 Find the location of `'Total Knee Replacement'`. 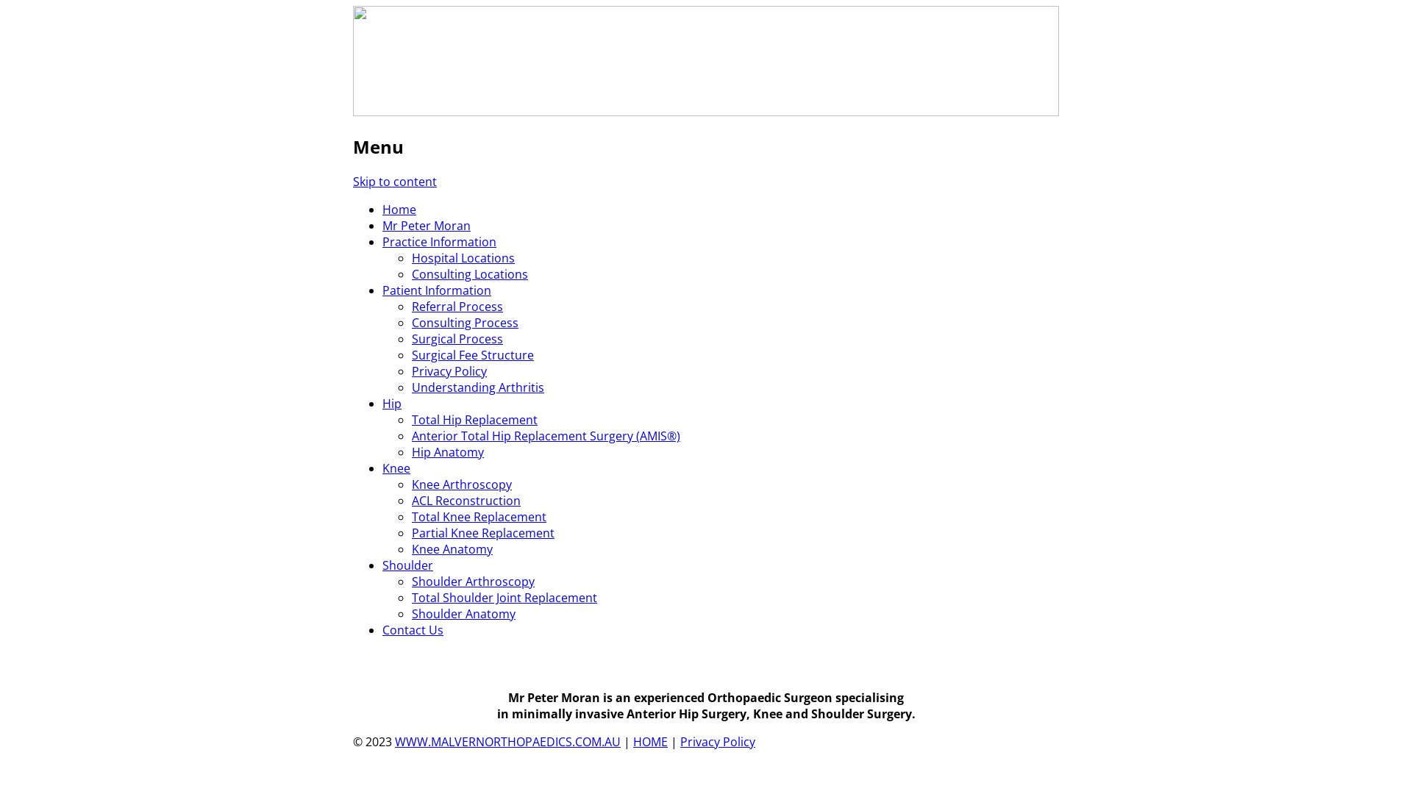

'Total Knee Replacement' is located at coordinates (479, 515).